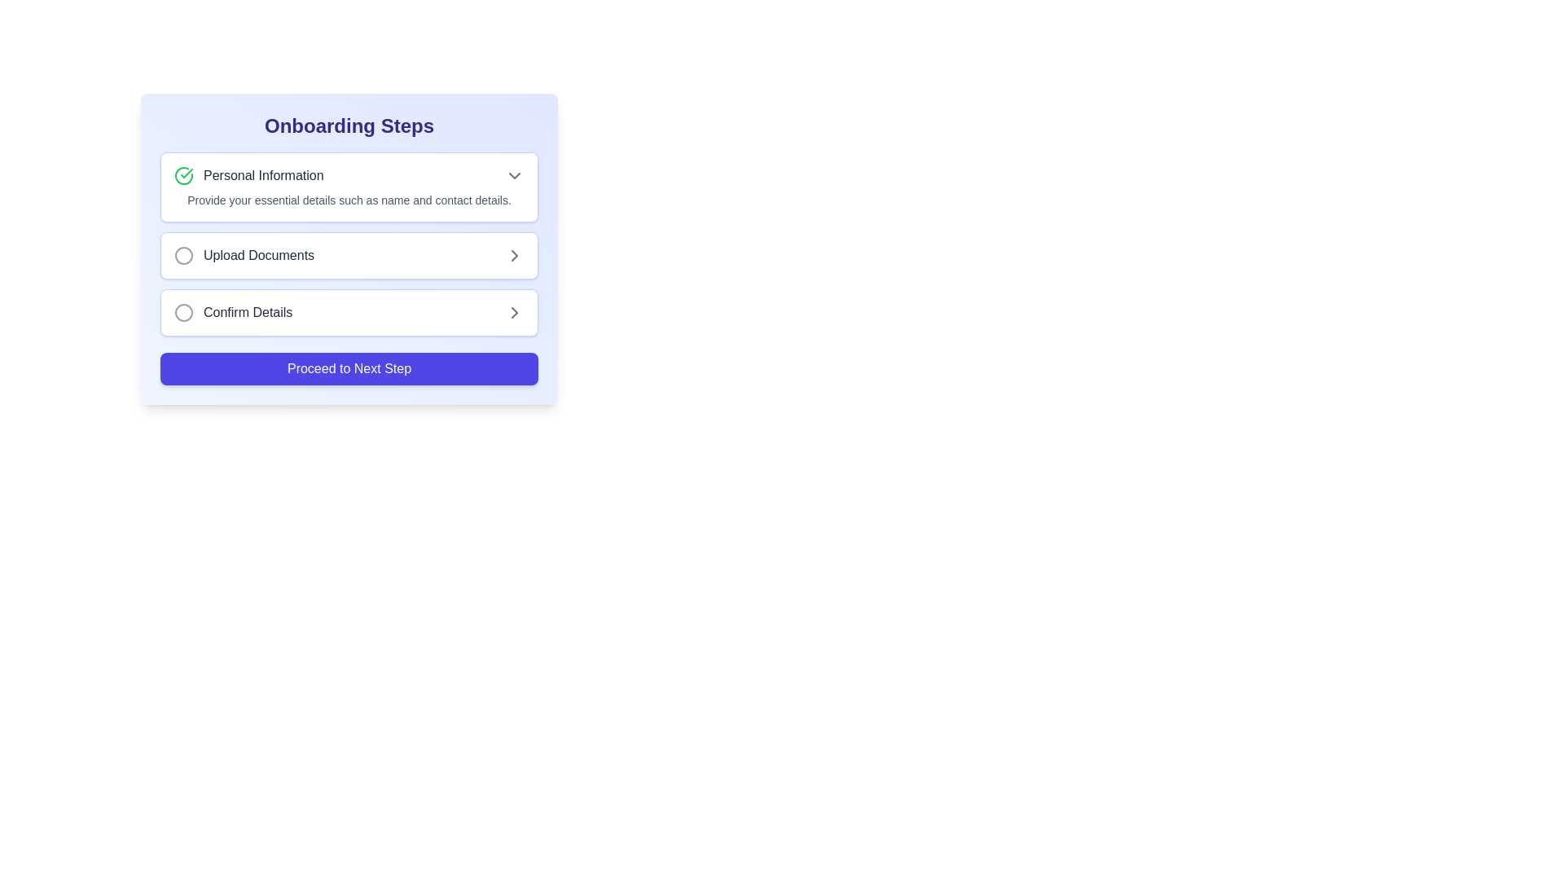 The width and height of the screenshot is (1564, 880). What do you see at coordinates (244, 255) in the screenshot?
I see `the 'Upload Documents' navigation list item, which is the second item in the onboarding steps panel` at bounding box center [244, 255].